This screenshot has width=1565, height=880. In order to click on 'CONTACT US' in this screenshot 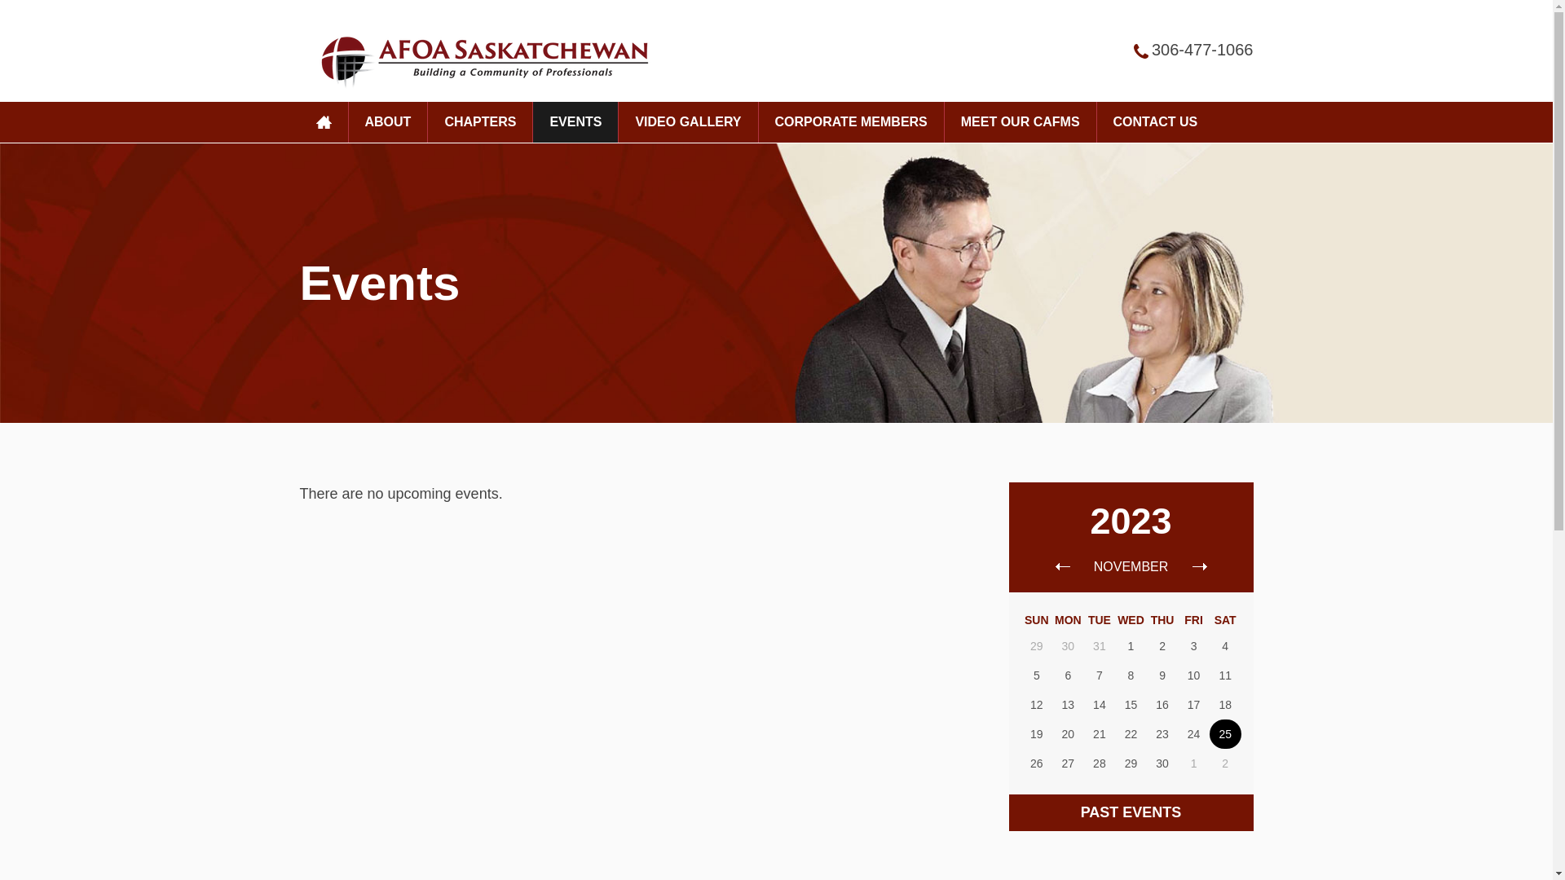, I will do `click(1154, 121)`.